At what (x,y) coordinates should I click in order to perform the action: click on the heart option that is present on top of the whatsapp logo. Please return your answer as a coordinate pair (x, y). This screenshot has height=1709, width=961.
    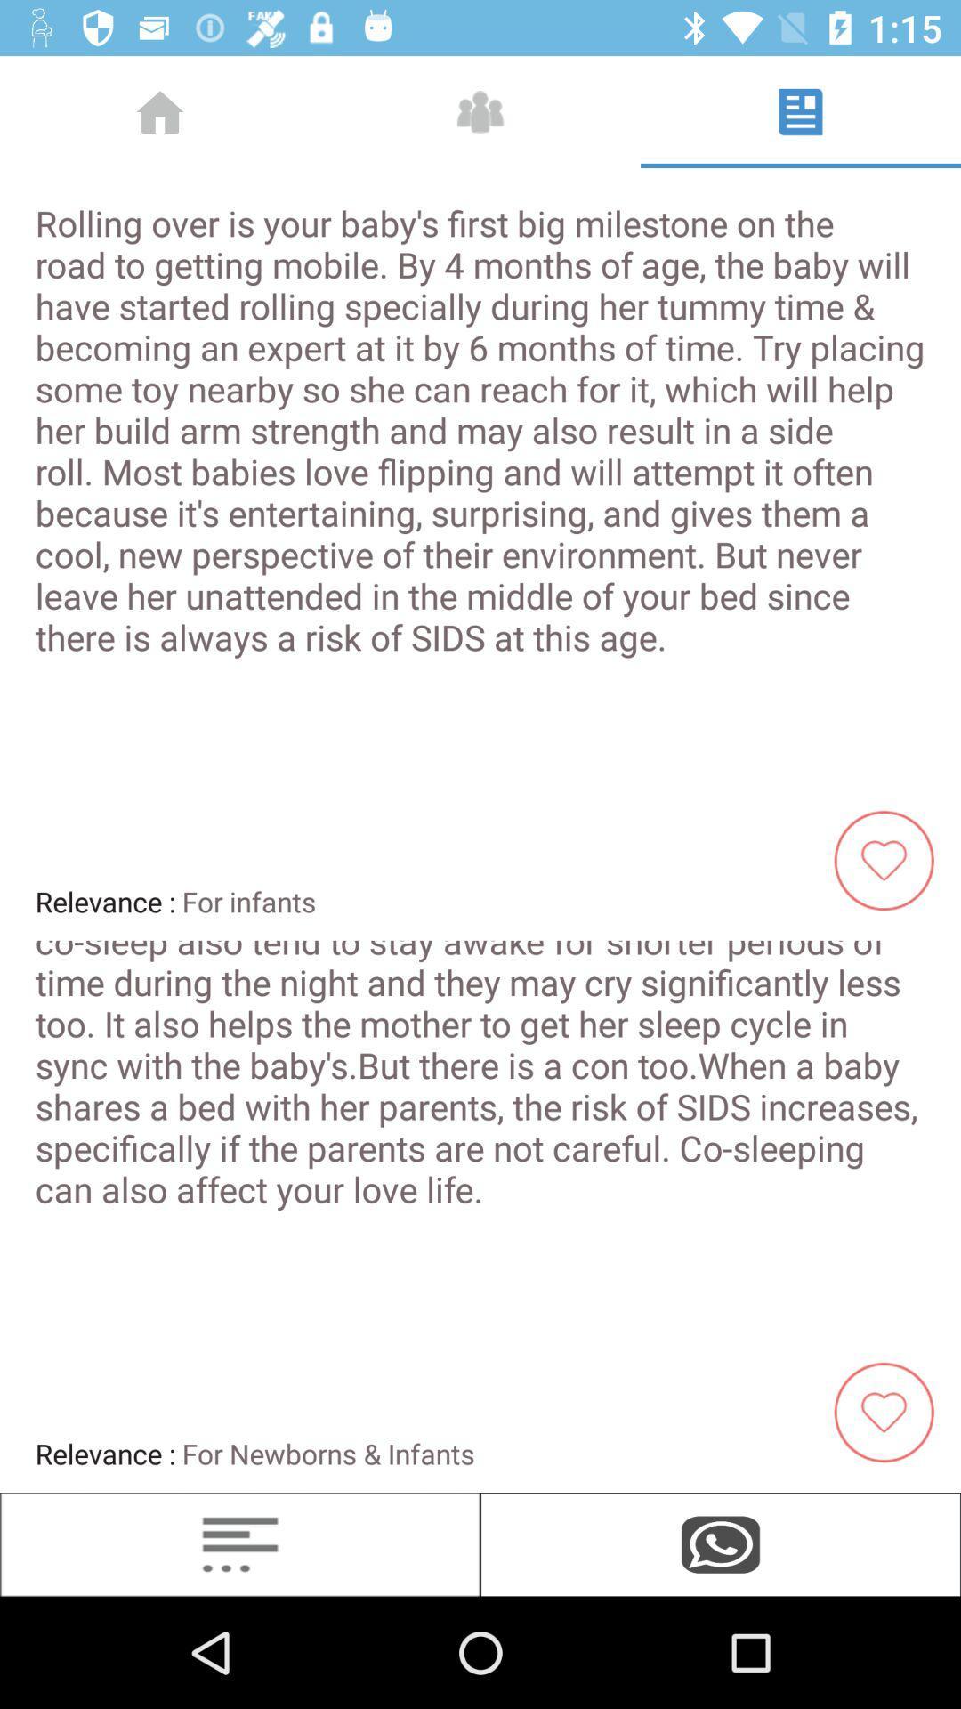
    Looking at the image, I should click on (891, 1410).